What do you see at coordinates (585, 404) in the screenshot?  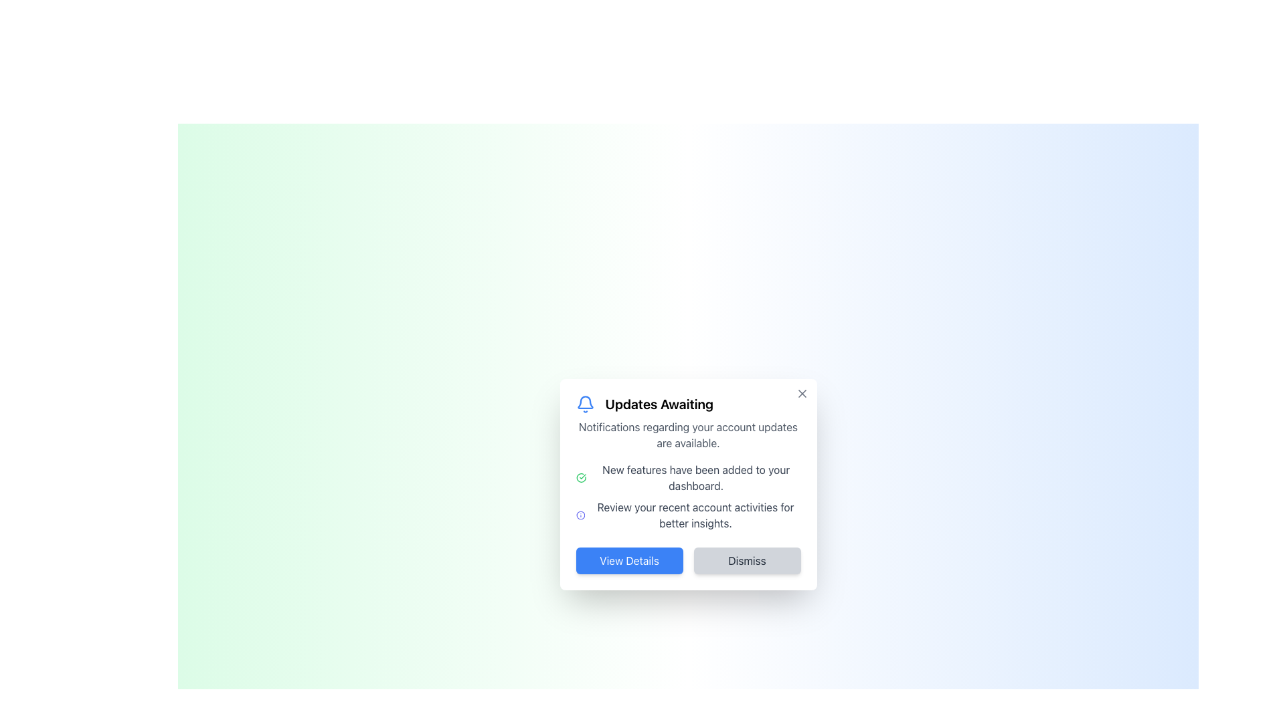 I see `the notification icon resembling a bell with a blue outline, located inside the 'Updates Awaiting' box, positioned to the left of the title text` at bounding box center [585, 404].